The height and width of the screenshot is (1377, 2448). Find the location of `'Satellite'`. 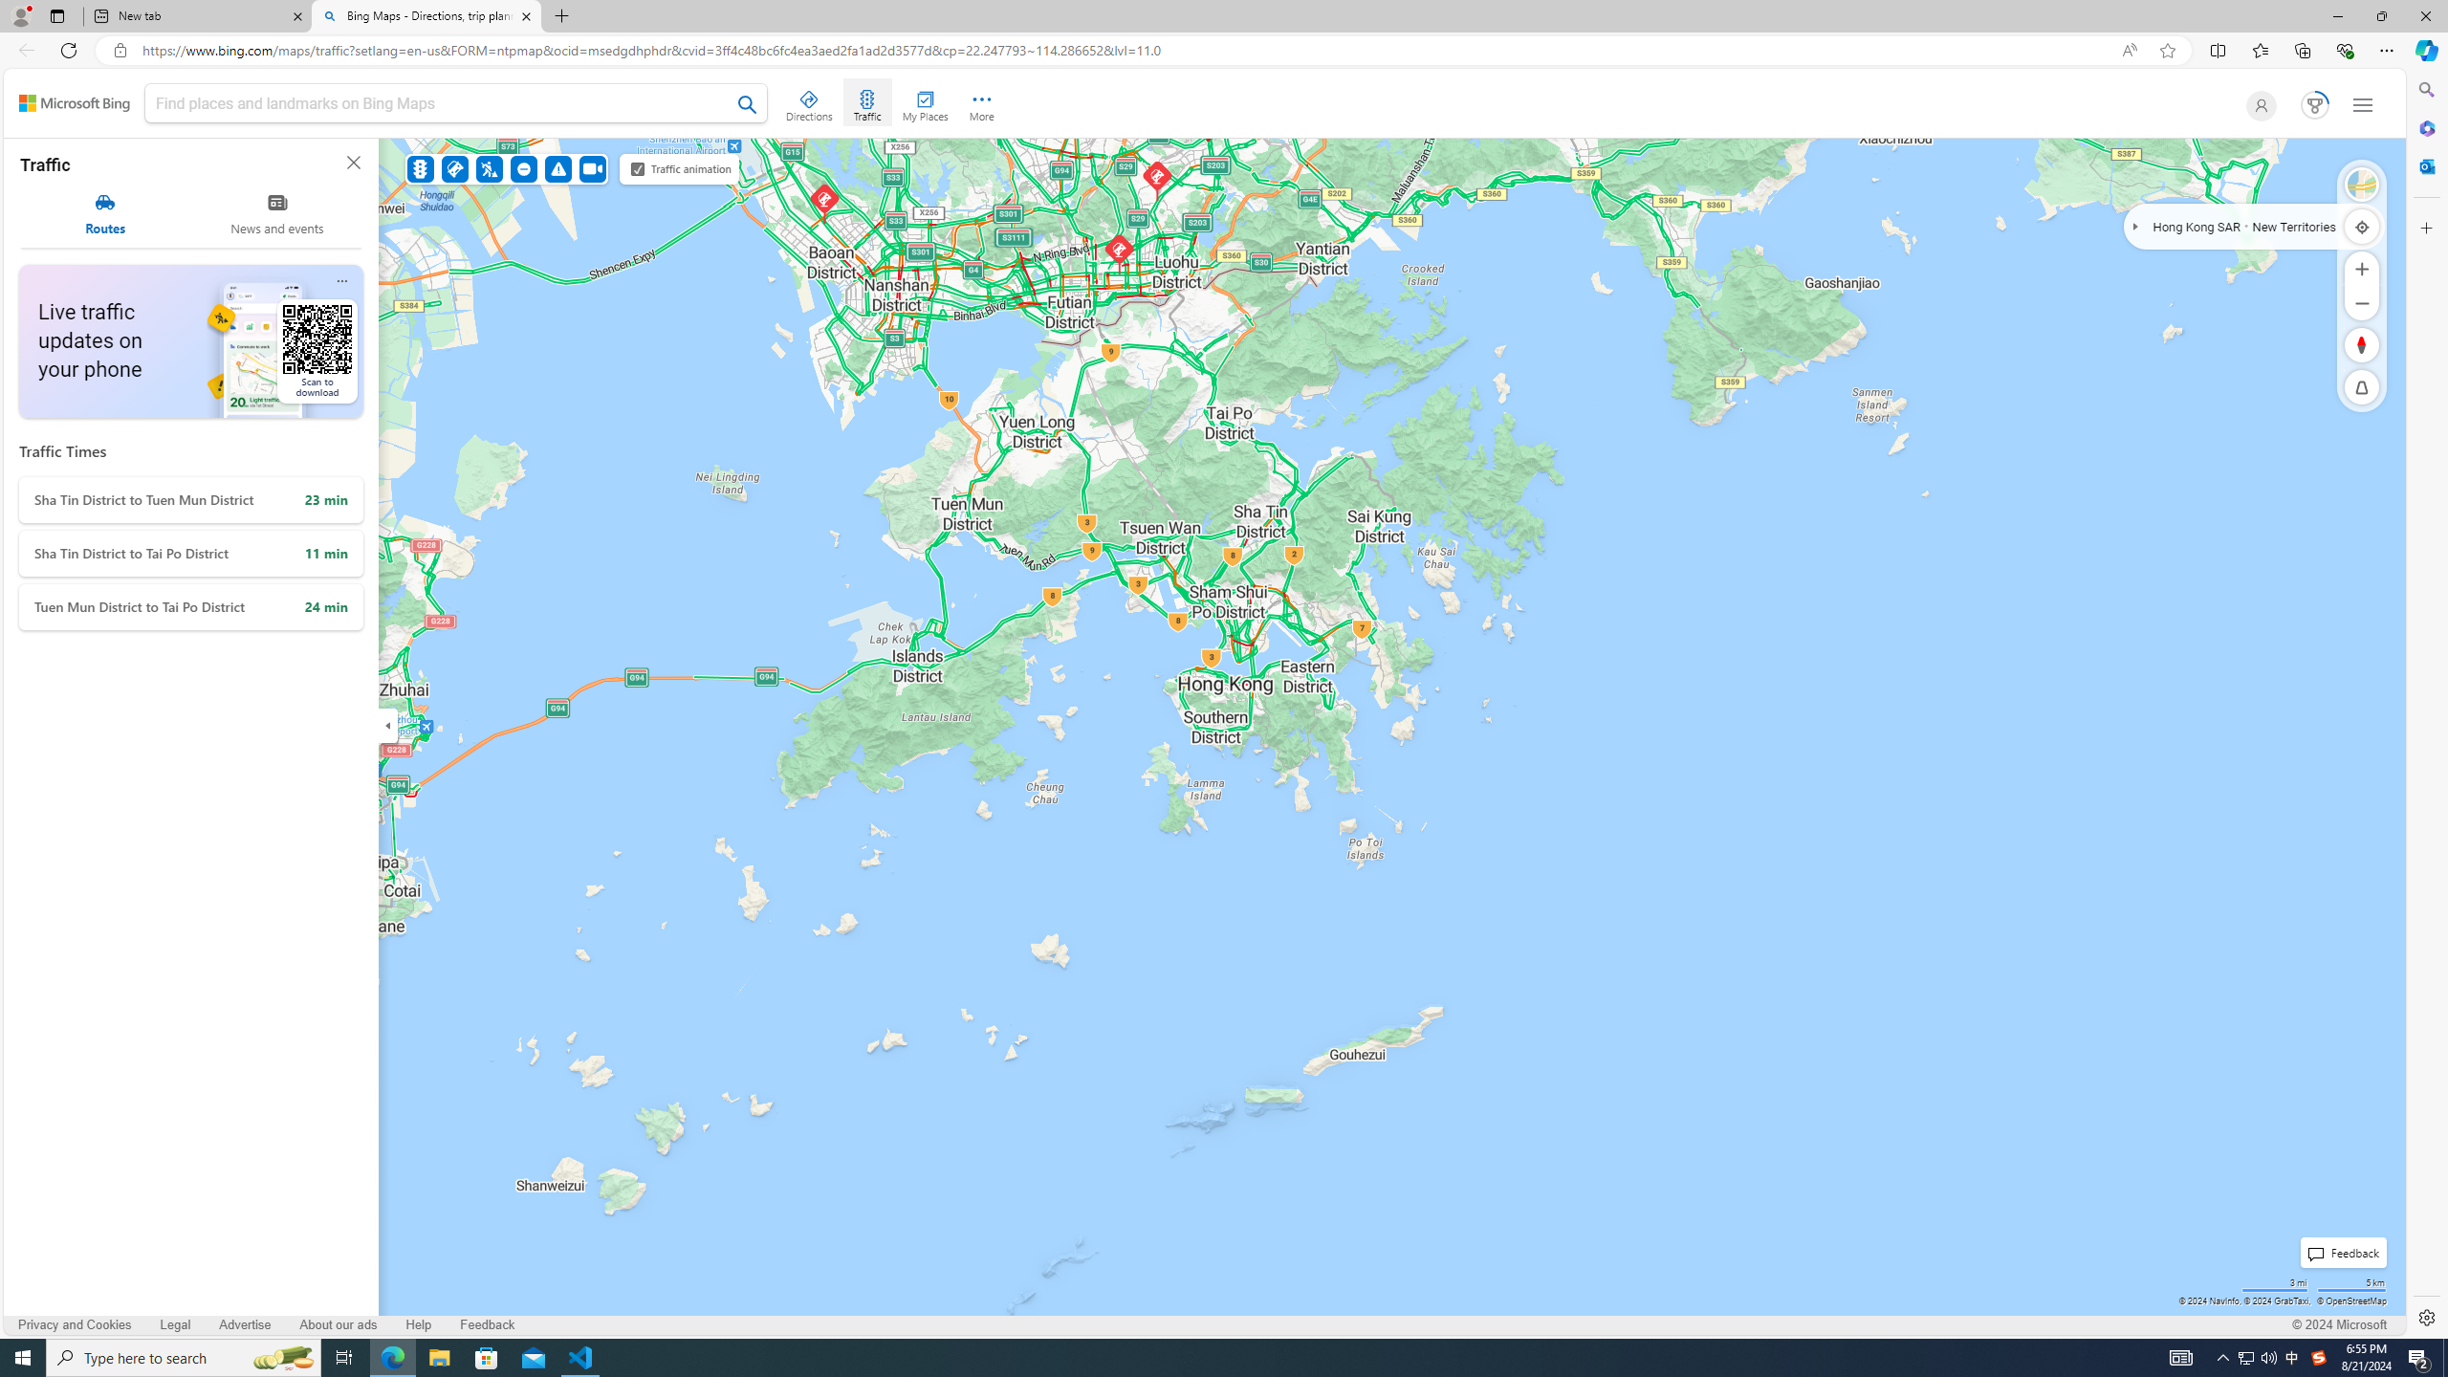

'Satellite' is located at coordinates (2362, 184).